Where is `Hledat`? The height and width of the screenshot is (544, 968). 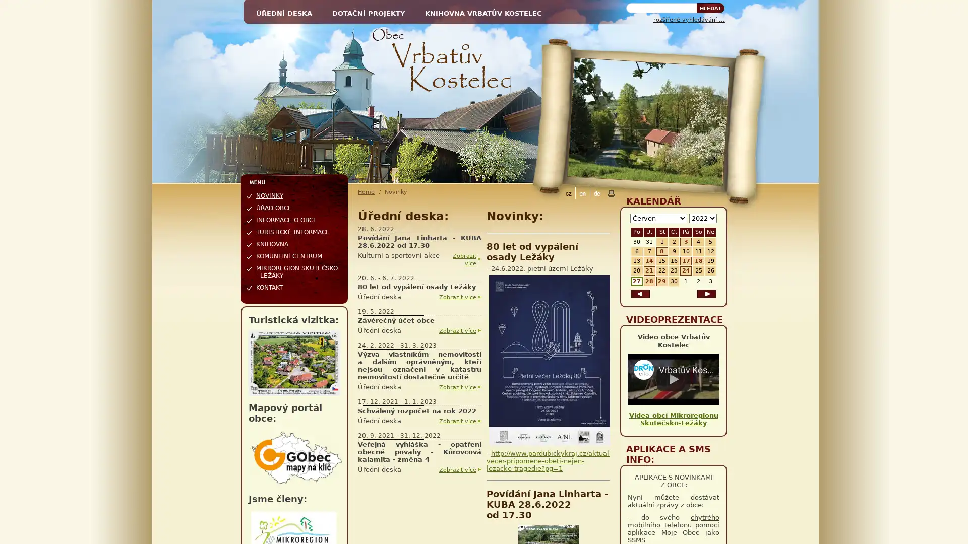
Hledat is located at coordinates (710, 8).